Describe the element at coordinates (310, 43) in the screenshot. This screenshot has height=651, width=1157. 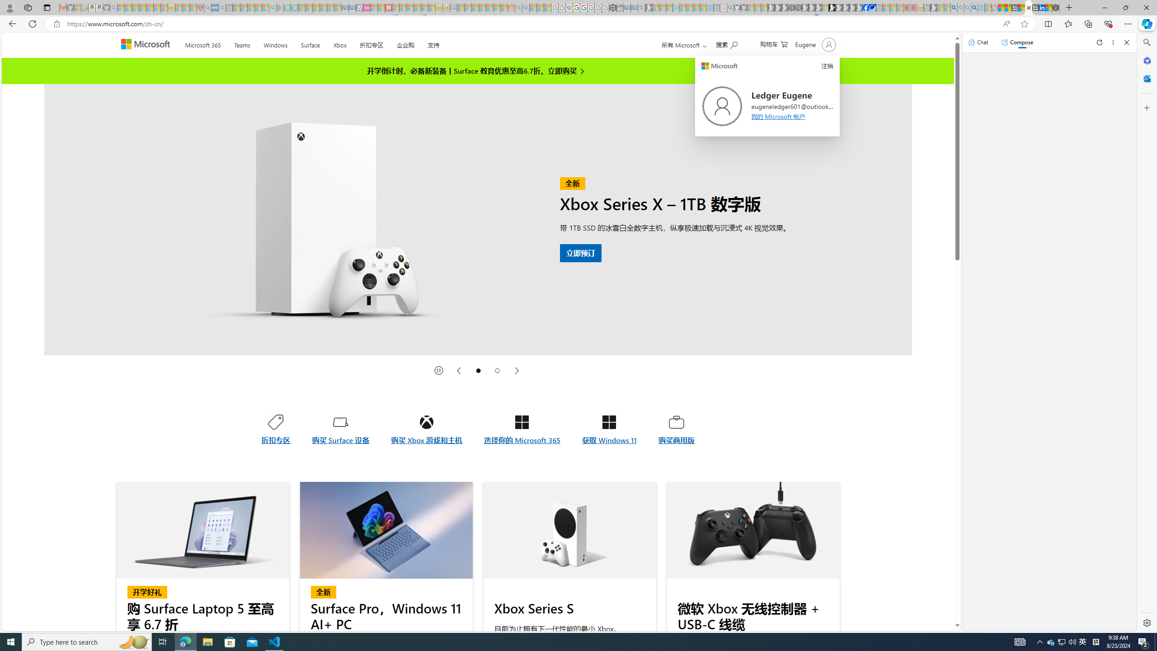
I see `'Surface'` at that location.